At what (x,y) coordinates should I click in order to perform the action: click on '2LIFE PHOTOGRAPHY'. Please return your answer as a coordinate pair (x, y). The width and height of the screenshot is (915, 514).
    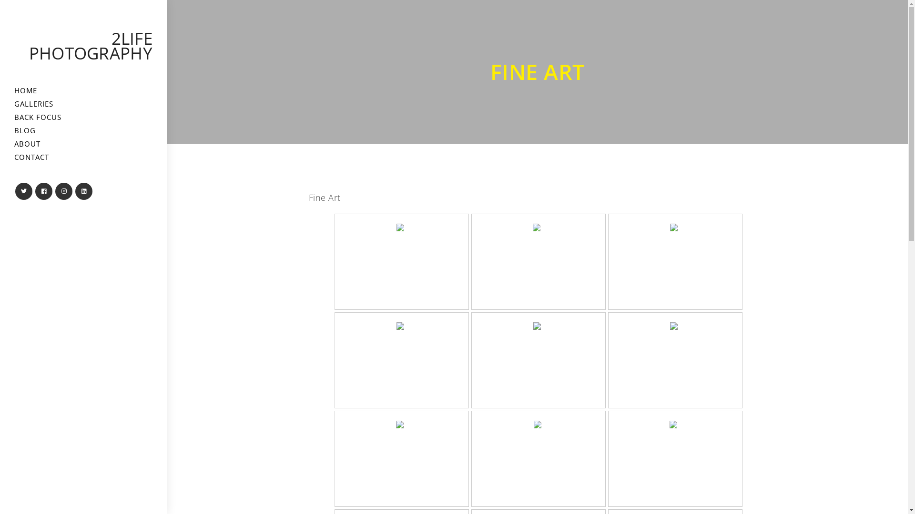
    Looking at the image, I should click on (91, 46).